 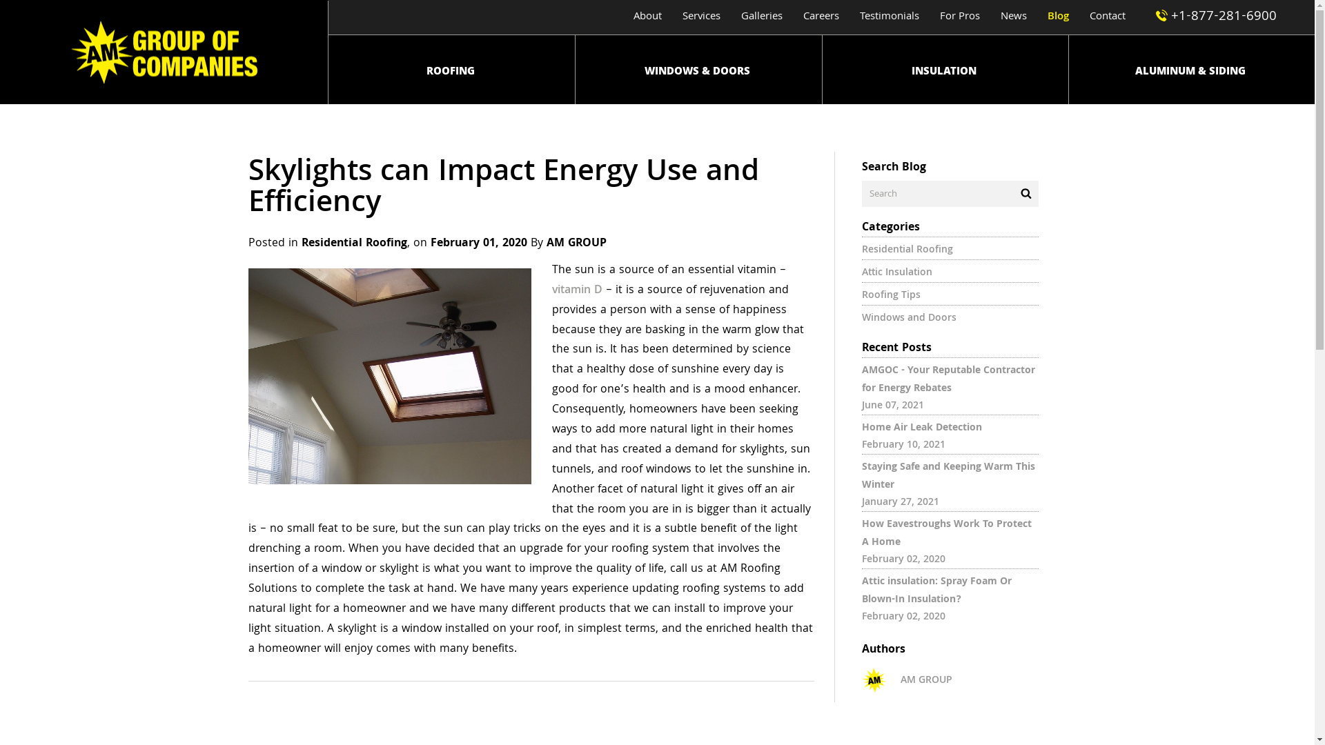 What do you see at coordinates (950, 539) in the screenshot?
I see `'How Eavestroughs Work To Protect A Home` at bounding box center [950, 539].